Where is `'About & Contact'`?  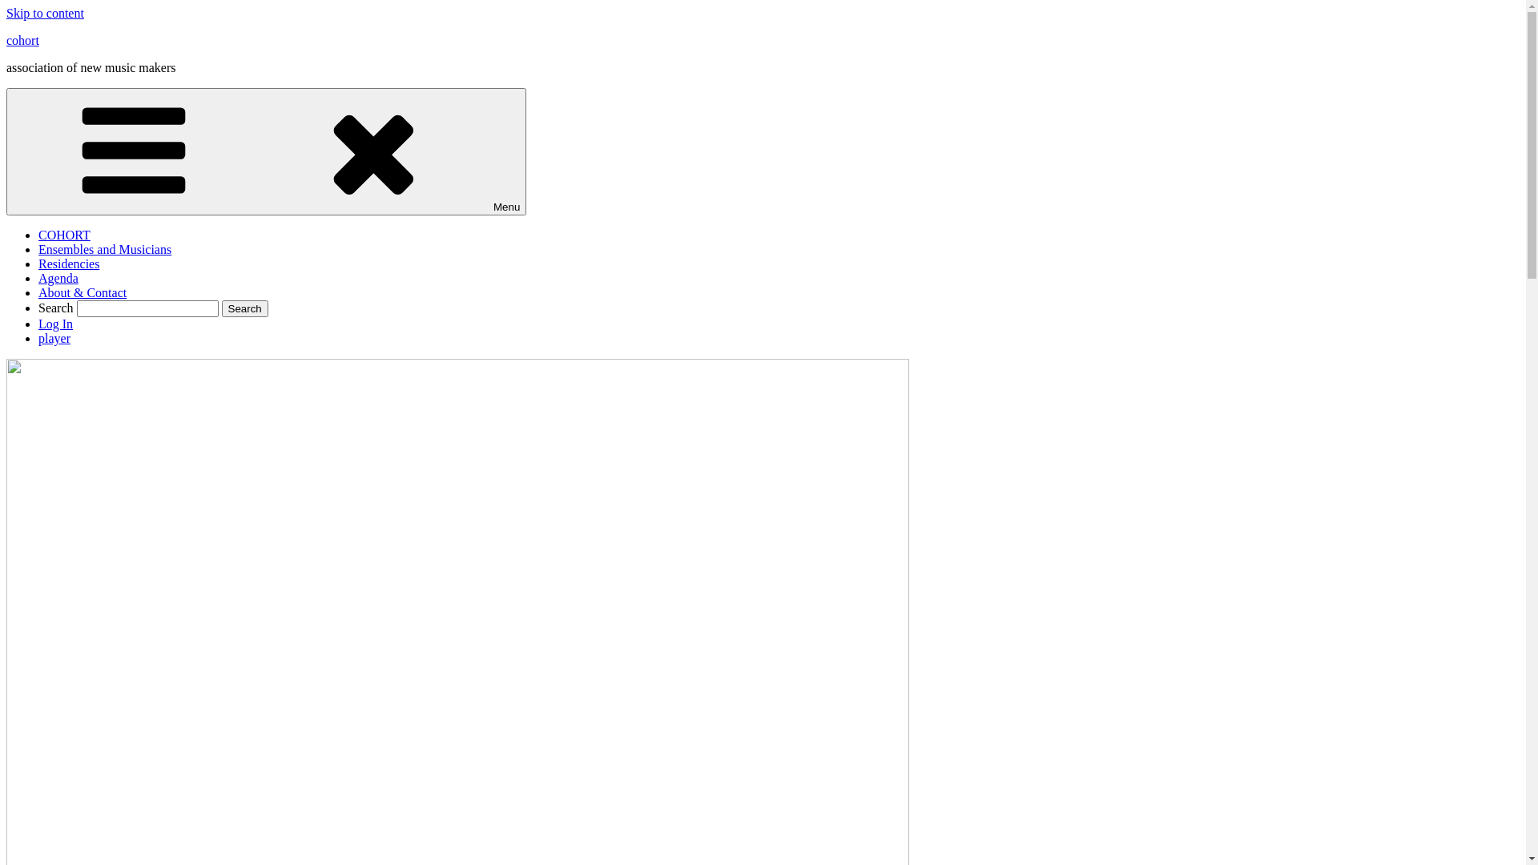
'About & Contact' is located at coordinates (81, 292).